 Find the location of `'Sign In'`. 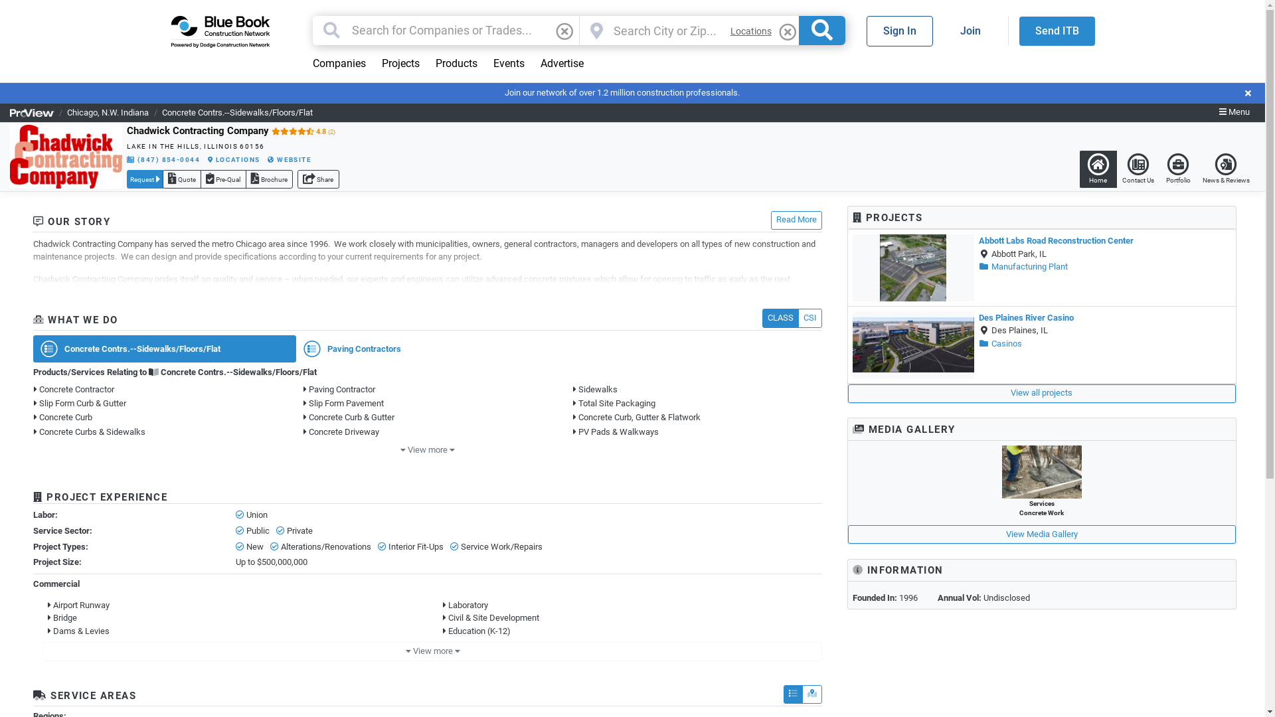

'Sign In' is located at coordinates (898, 30).